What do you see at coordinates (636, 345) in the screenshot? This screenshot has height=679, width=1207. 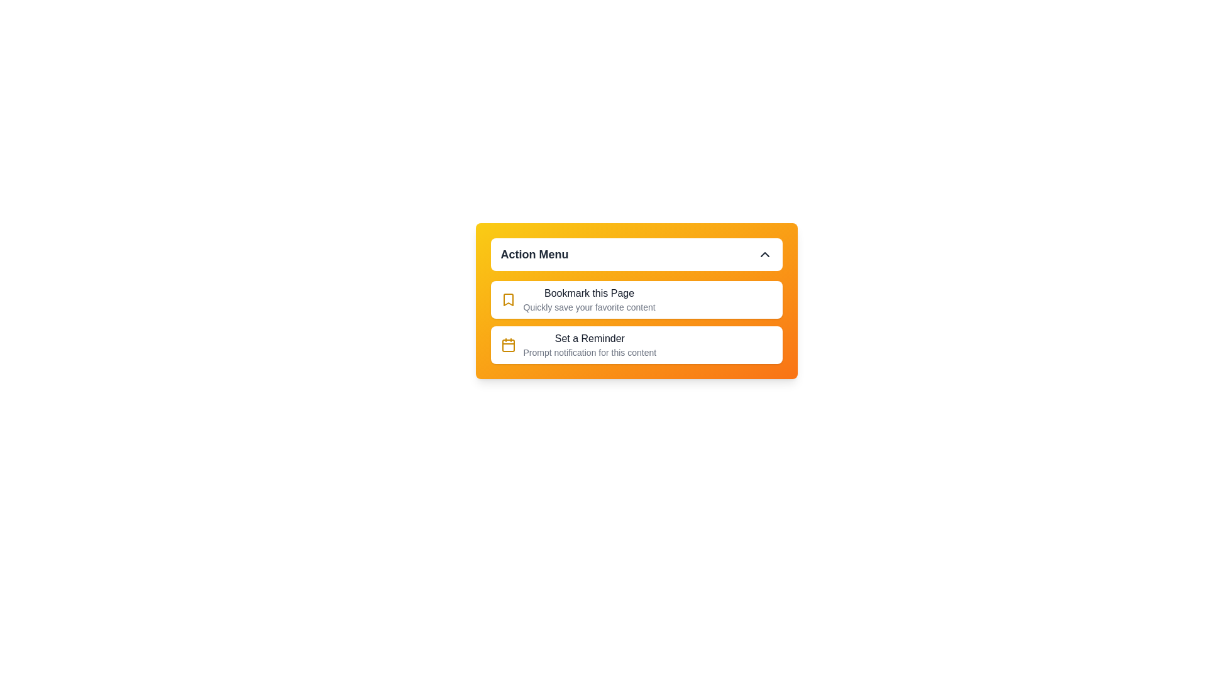 I see `the second menu item labeled 'Set a Reminder'` at bounding box center [636, 345].